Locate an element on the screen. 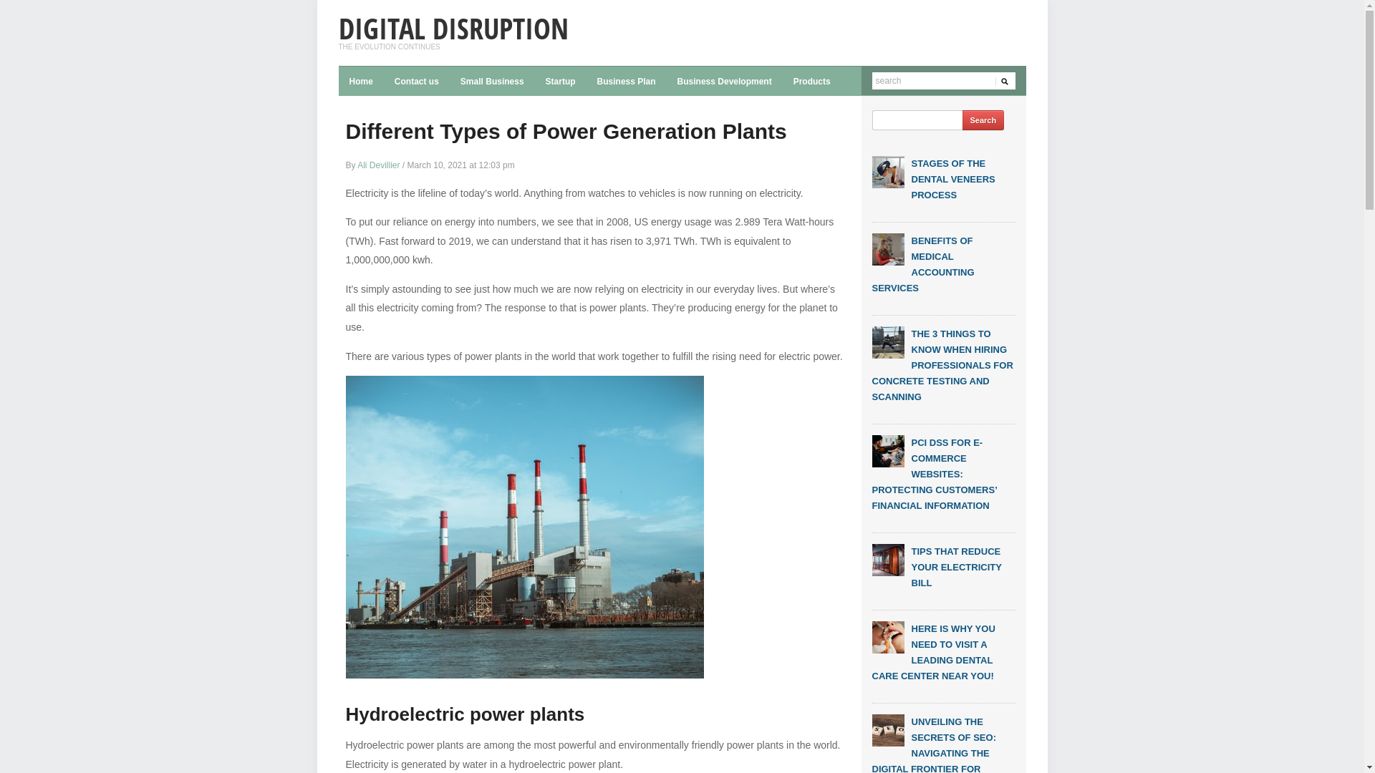 The image size is (1375, 773). 'Tips That Reduce Your Electricity Bill' is located at coordinates (887, 559).